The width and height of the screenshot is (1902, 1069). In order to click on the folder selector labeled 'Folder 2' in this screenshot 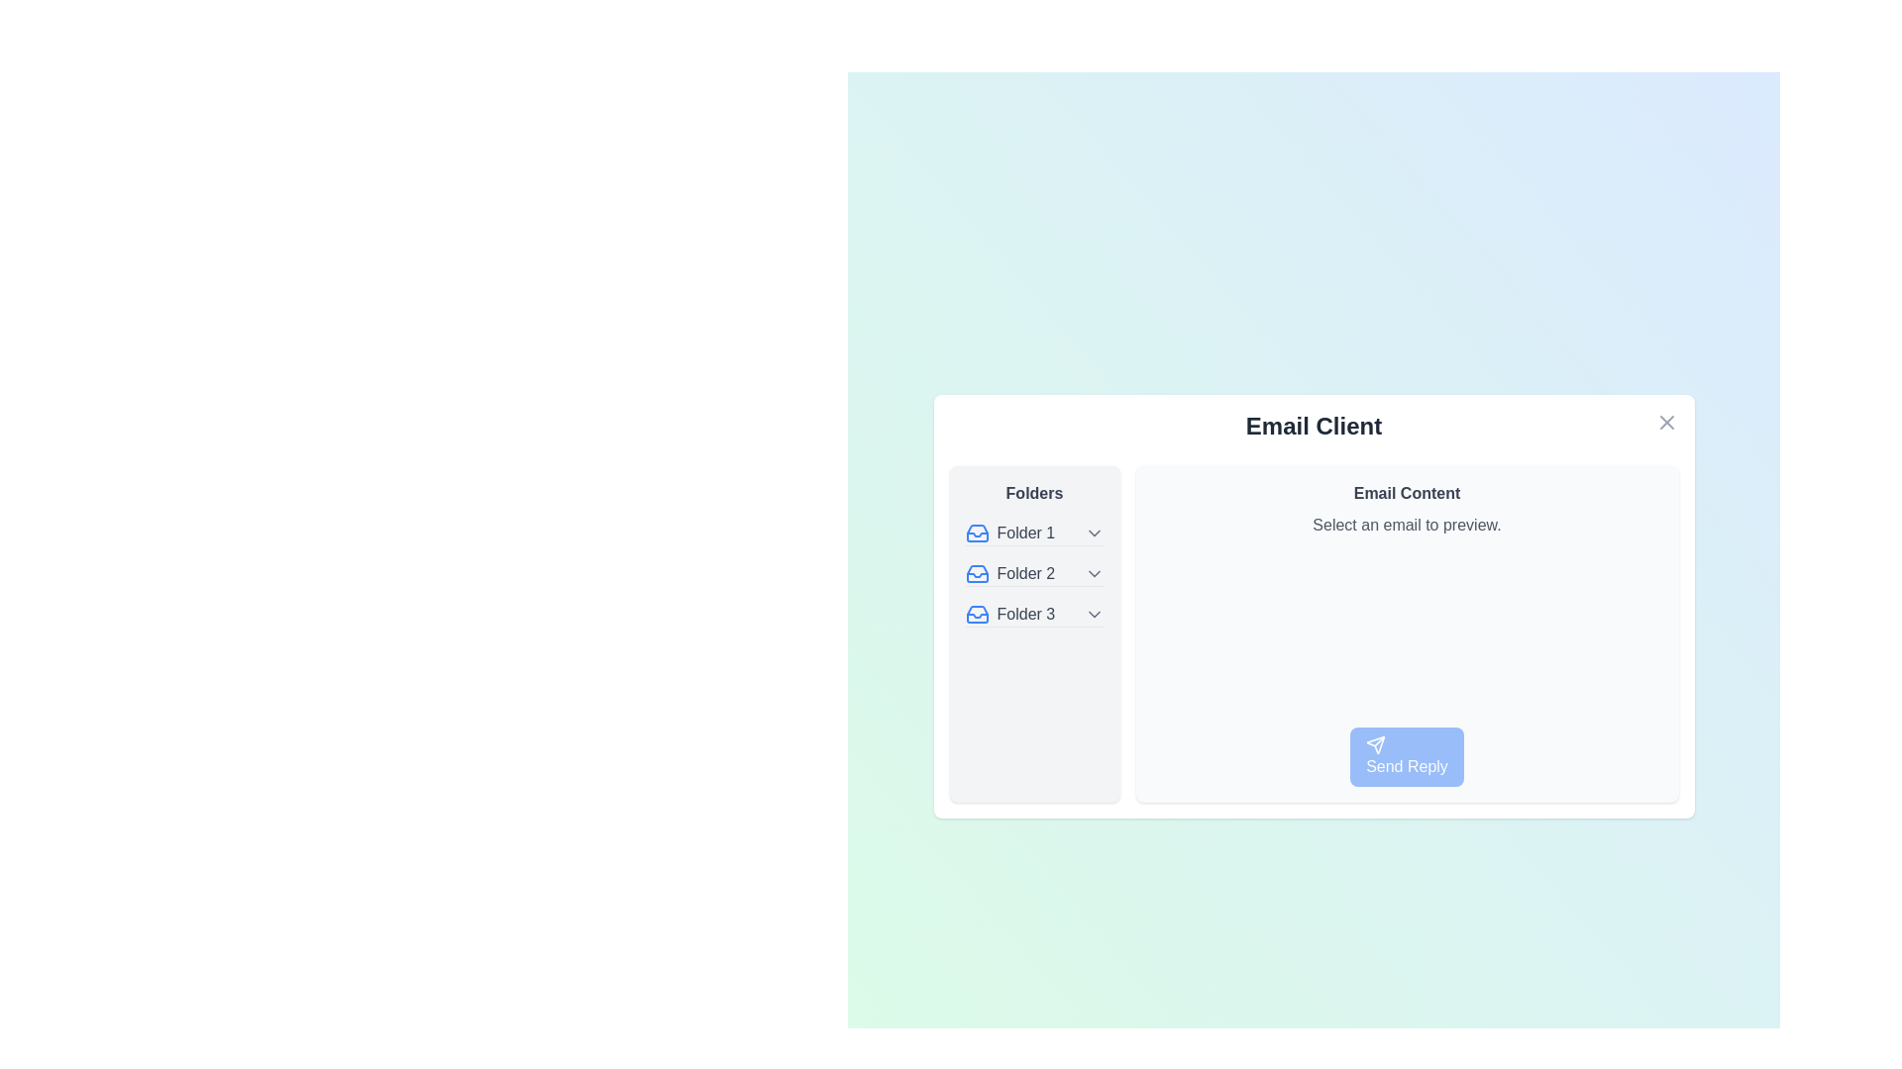, I will do `click(1009, 573)`.